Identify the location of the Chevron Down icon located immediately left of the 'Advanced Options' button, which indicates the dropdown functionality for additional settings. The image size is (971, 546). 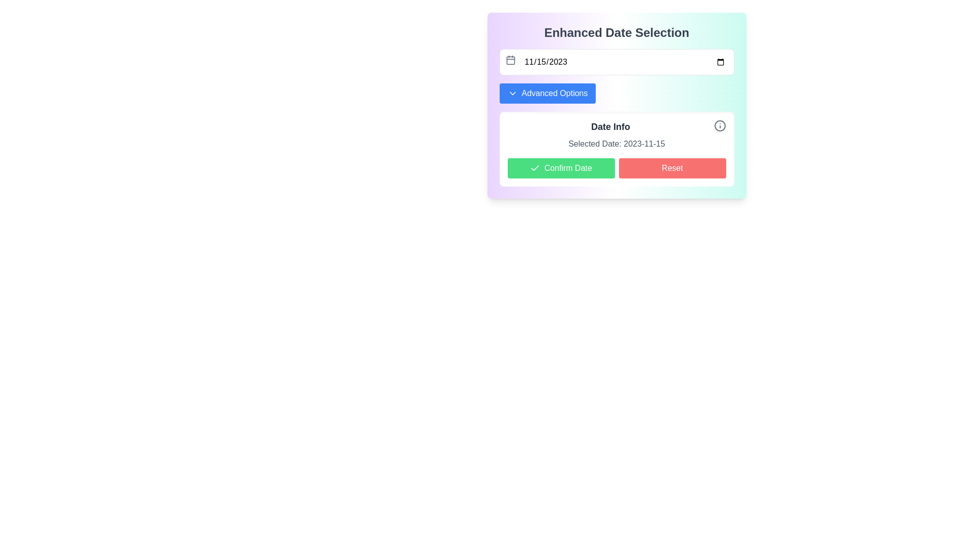
(512, 94).